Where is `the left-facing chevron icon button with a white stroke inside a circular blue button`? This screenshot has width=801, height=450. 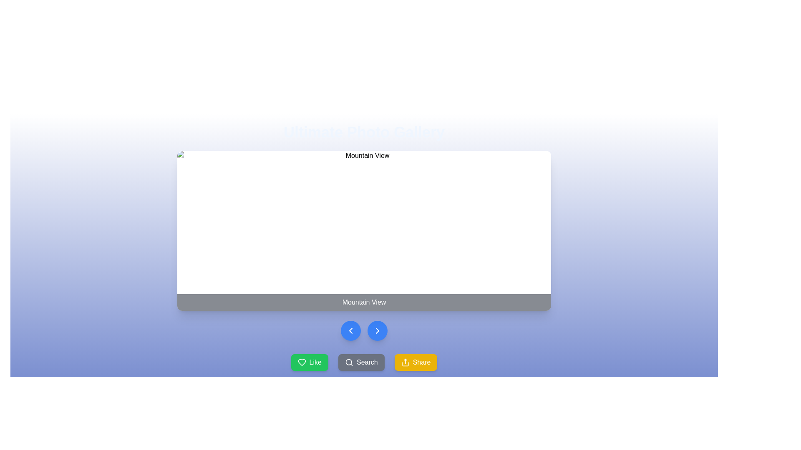
the left-facing chevron icon button with a white stroke inside a circular blue button is located at coordinates (350, 330).